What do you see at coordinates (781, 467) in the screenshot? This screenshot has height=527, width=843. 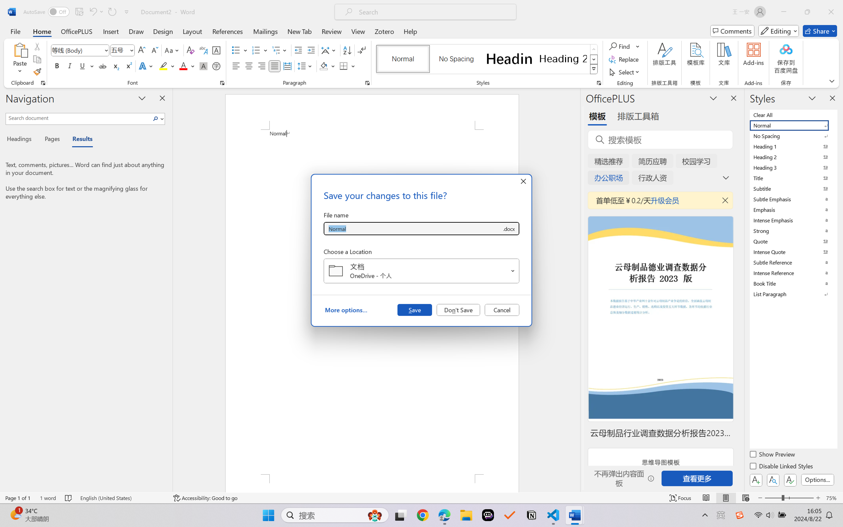 I see `'Disable Linked Styles'` at bounding box center [781, 467].